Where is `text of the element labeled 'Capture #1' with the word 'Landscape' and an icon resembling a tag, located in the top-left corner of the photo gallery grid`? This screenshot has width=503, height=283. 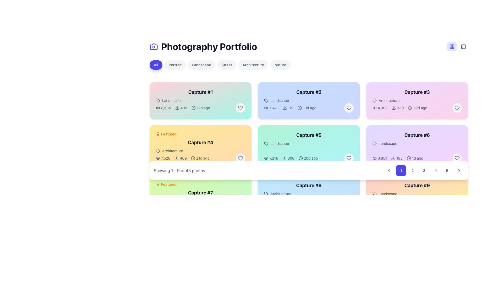 text of the element labeled 'Capture #1' with the word 'Landscape' and an icon resembling a tag, located in the top-left corner of the photo gallery grid is located at coordinates (200, 96).